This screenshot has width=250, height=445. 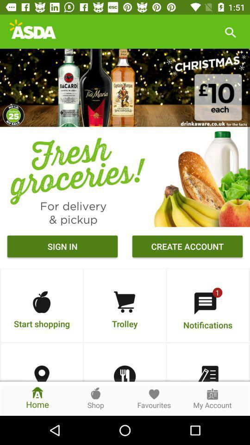 I want to click on icon above the 1, so click(x=187, y=247).